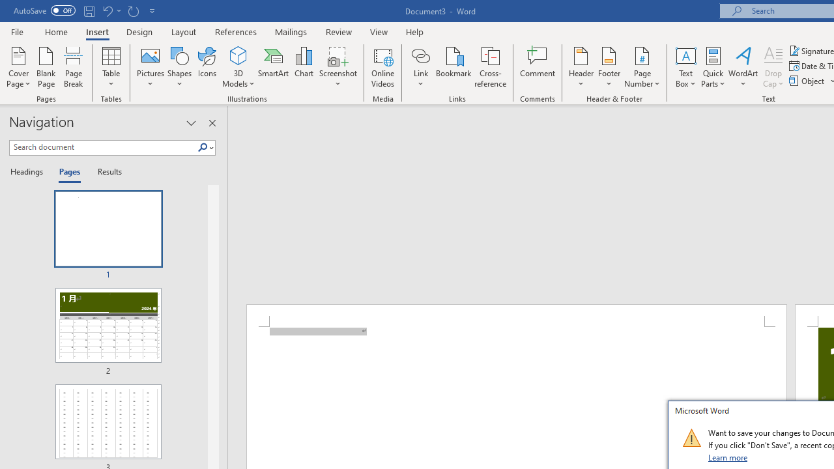 Image resolution: width=834 pixels, height=469 pixels. What do you see at coordinates (685, 67) in the screenshot?
I see `'Text Box'` at bounding box center [685, 67].